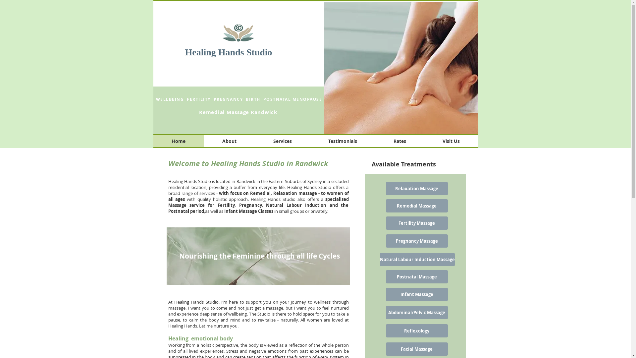 This screenshot has width=636, height=358. I want to click on 'Facial Massage', so click(416, 349).